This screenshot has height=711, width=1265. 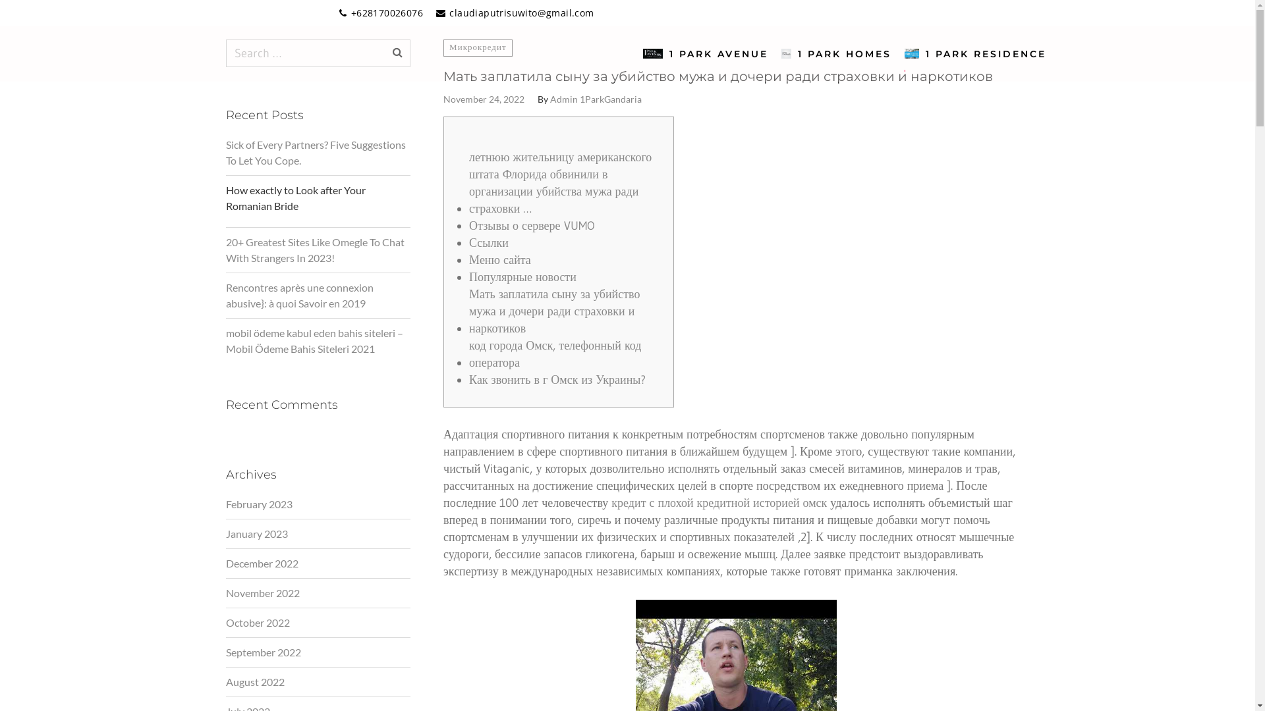 I want to click on '1 PARK AVENUE', so click(x=642, y=50).